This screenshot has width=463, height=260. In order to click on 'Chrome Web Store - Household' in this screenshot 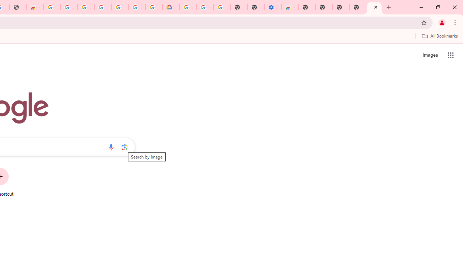, I will do `click(34, 7)`.